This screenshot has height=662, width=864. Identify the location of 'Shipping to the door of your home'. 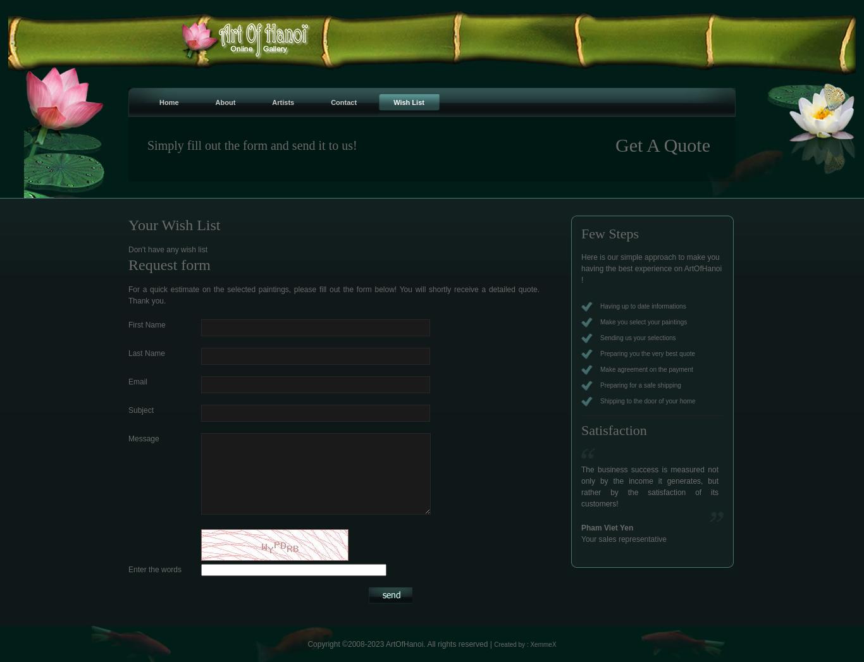
(600, 401).